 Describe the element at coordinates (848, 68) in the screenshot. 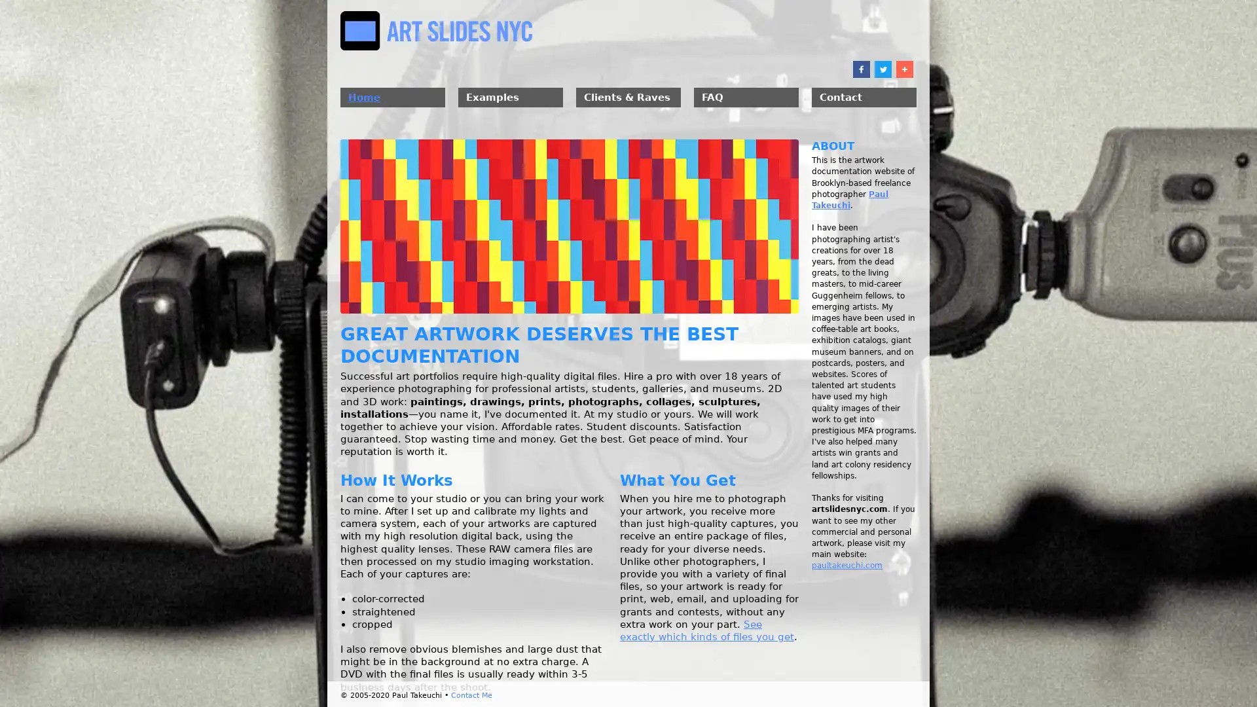

I see `Share to Facebook` at that location.